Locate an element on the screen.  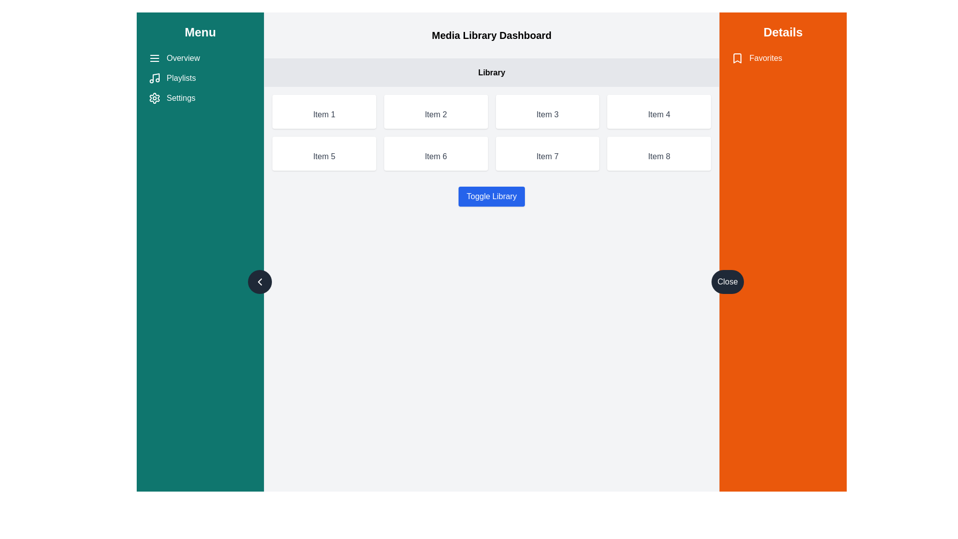
the 'Settings' icon located in the vertical menu on the left side of the interface, directly aligned with the 'Settings' text and positioned below the 'Playlists' option is located at coordinates (154, 98).